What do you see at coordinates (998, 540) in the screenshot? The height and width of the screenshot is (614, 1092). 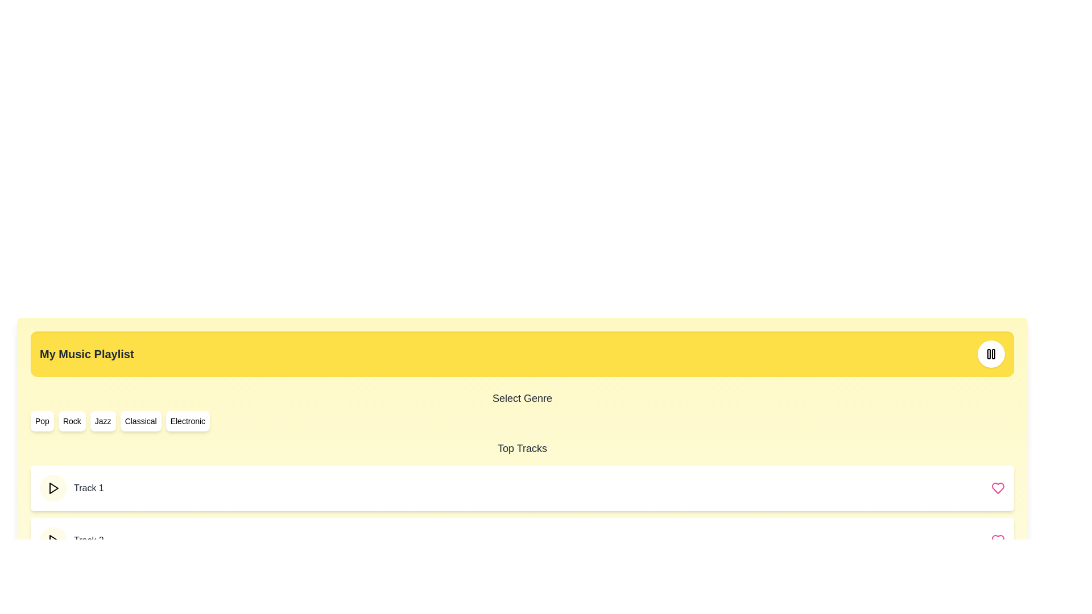 I see `the heart-shaped icon button with a pink outline located on the right side of the 'Track 2' section to favorite the track` at bounding box center [998, 540].